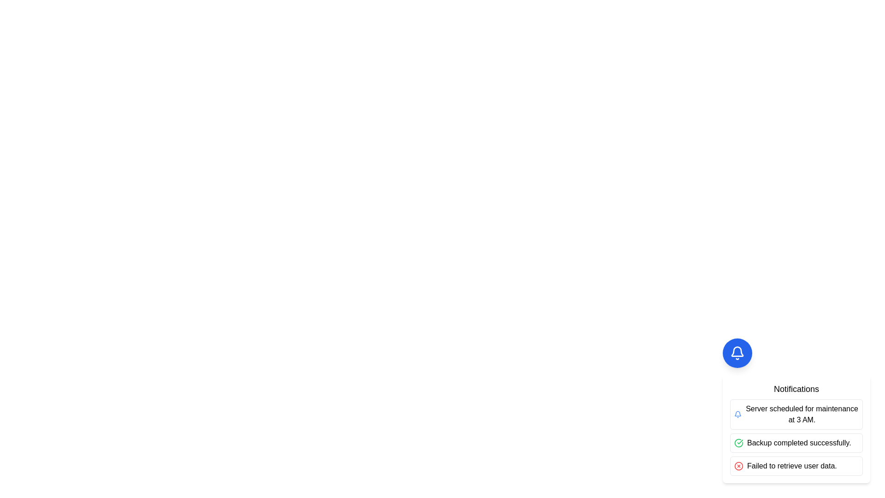 The image size is (885, 498). Describe the element at coordinates (791, 466) in the screenshot. I see `the error notification Text Label located at the bottom of the notification panel` at that location.